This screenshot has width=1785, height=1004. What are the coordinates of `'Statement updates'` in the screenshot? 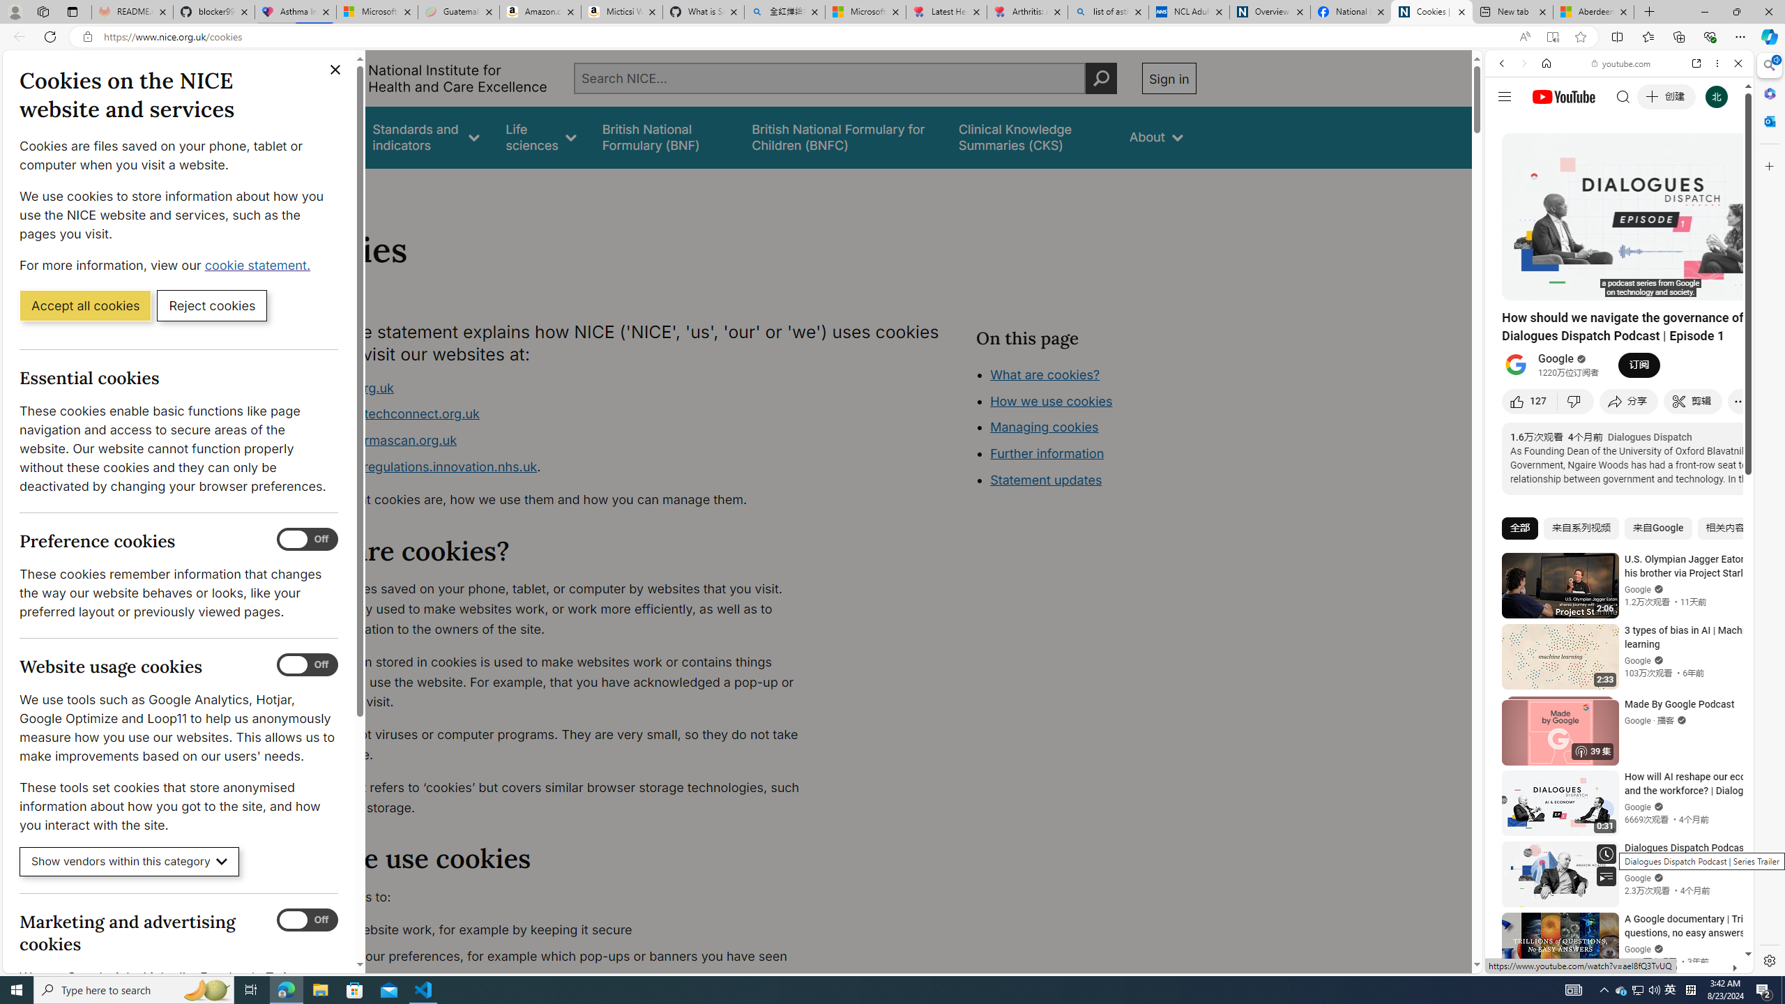 It's located at (1046, 480).